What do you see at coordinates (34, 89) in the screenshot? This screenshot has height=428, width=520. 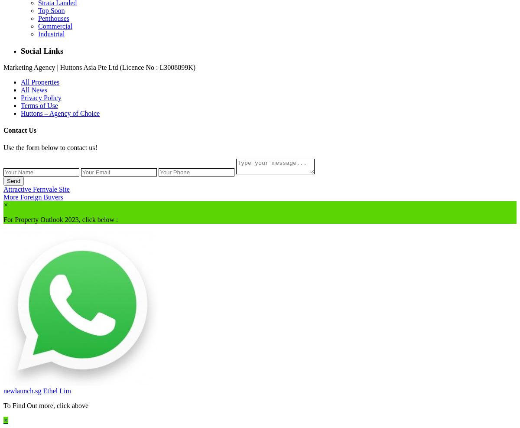 I see `'All News'` at bounding box center [34, 89].